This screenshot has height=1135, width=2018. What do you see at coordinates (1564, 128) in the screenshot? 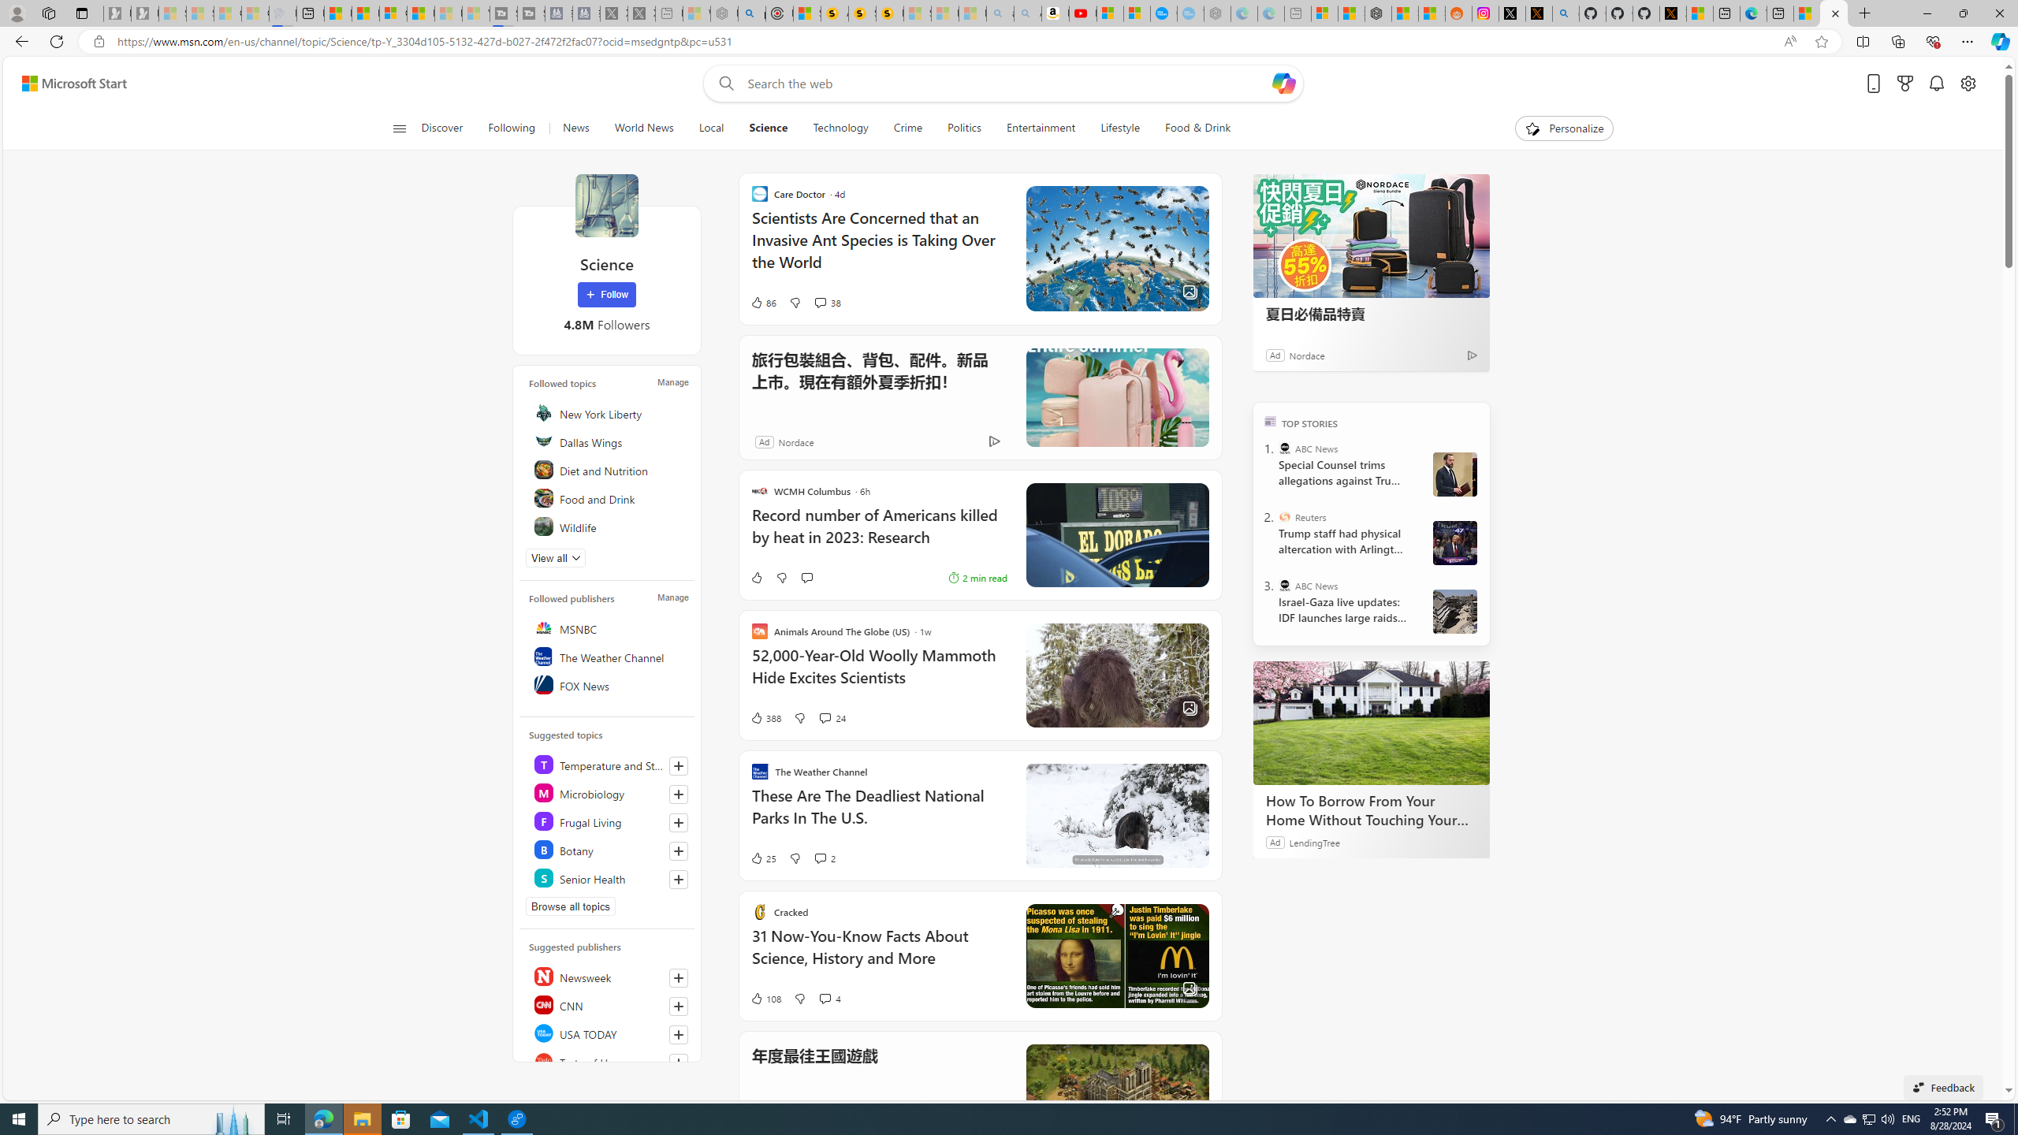
I see `'Personalize'` at bounding box center [1564, 128].